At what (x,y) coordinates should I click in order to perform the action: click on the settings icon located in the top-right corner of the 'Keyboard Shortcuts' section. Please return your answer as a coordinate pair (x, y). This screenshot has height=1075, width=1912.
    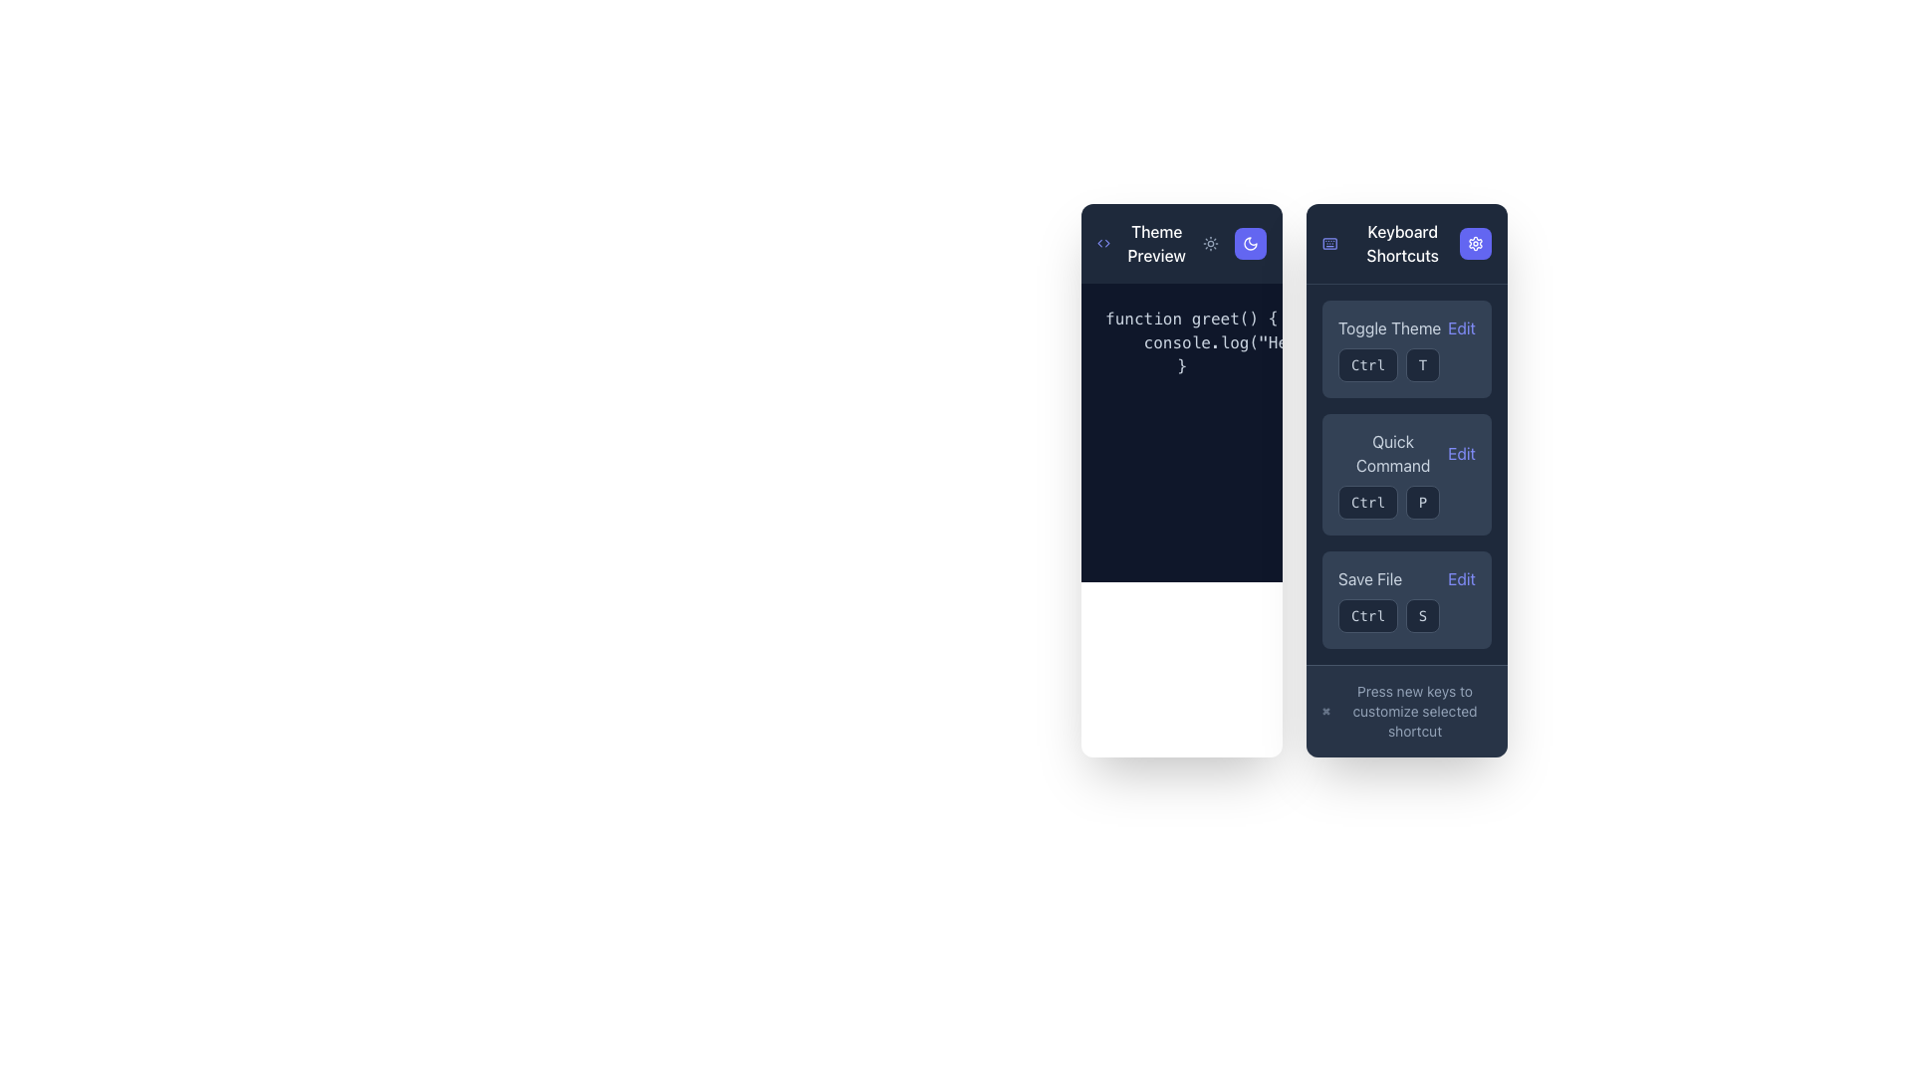
    Looking at the image, I should click on (1476, 243).